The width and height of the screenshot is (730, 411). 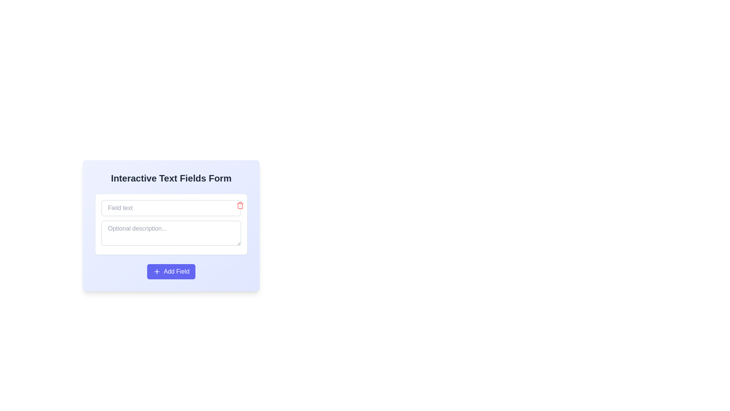 I want to click on the trash icon button with red coloring located at the top-right corner of the interactive text field labeled 'Field text', so click(x=240, y=205).